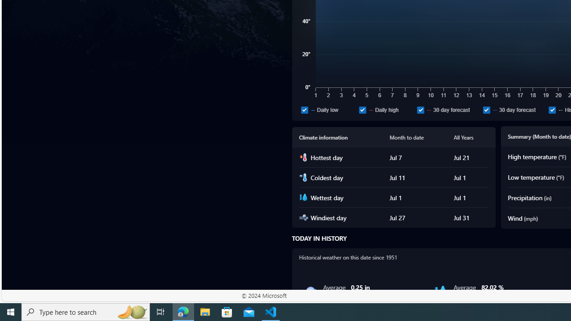  I want to click on 'Daily low', so click(304, 109).